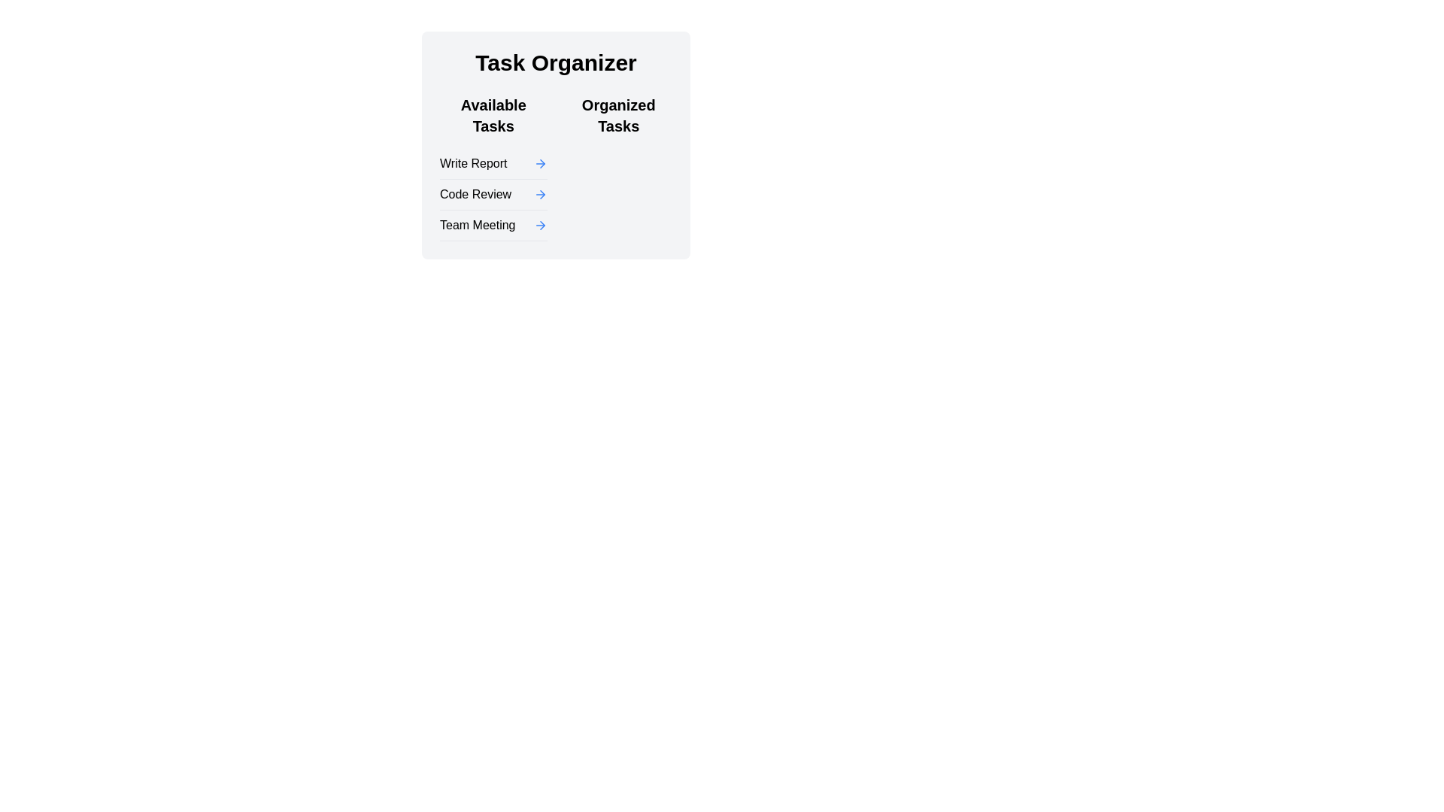  What do you see at coordinates (540, 164) in the screenshot?
I see `the Icon Link or Button located to the right of the 'Write Report' label in the 'Available Tasks' section of the 'Task Organizer' interface` at bounding box center [540, 164].